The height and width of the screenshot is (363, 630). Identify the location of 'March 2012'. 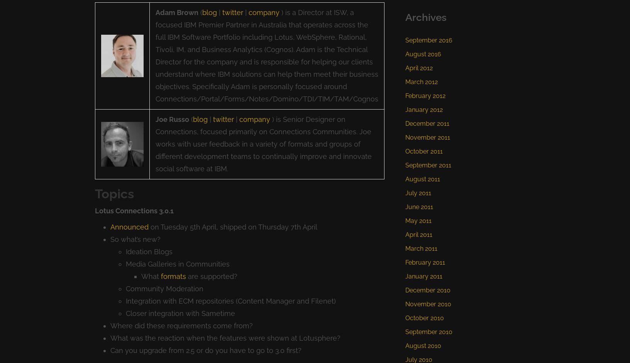
(421, 81).